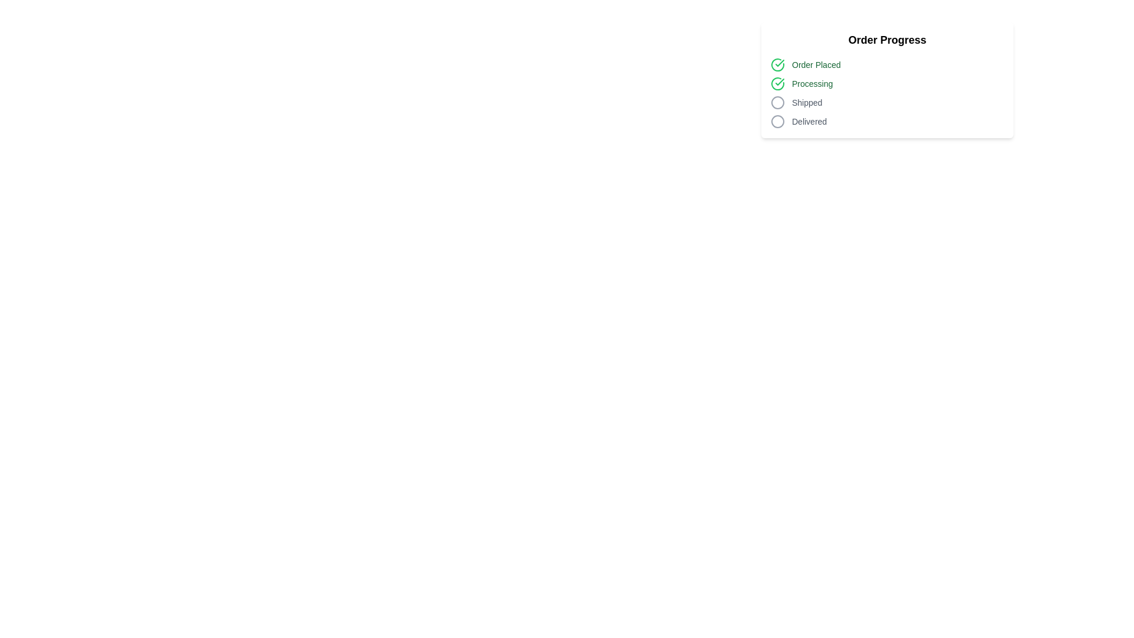 This screenshot has height=638, width=1134. I want to click on the 'Processing' status indicator in the Status Indicator Row, which is the second item under the 'Order Progress' title, to associate the status with its completion indicator, so click(887, 83).